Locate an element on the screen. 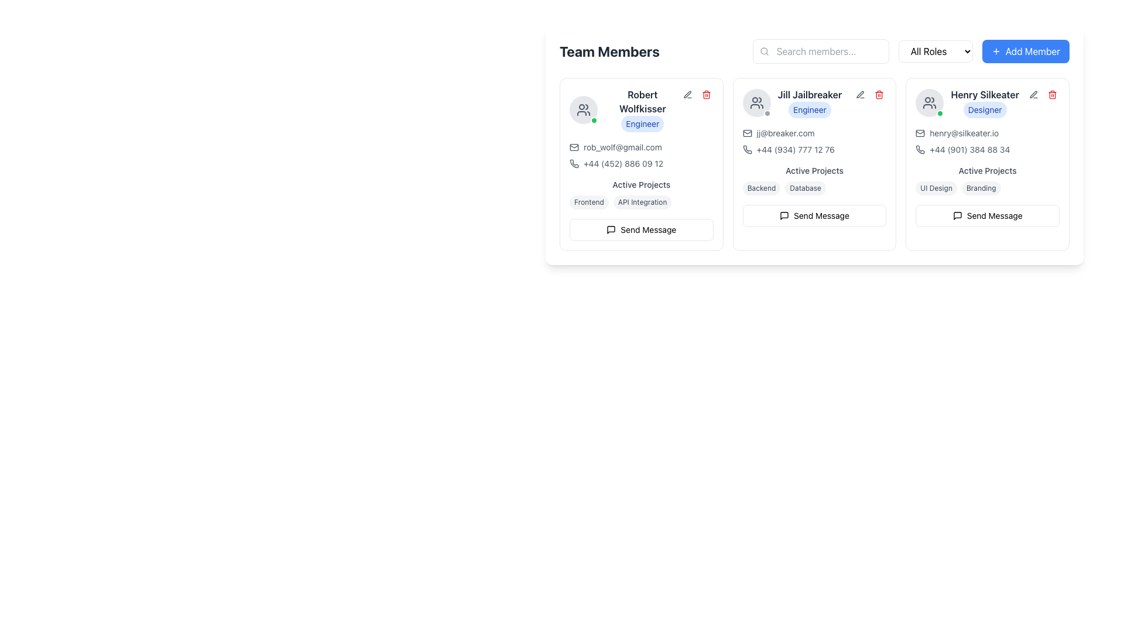 This screenshot has height=632, width=1124. the small, square button with rounded corners that has a pen icon, located in the action buttons group for 'Jill Jailbreaker' is located at coordinates (860, 94).